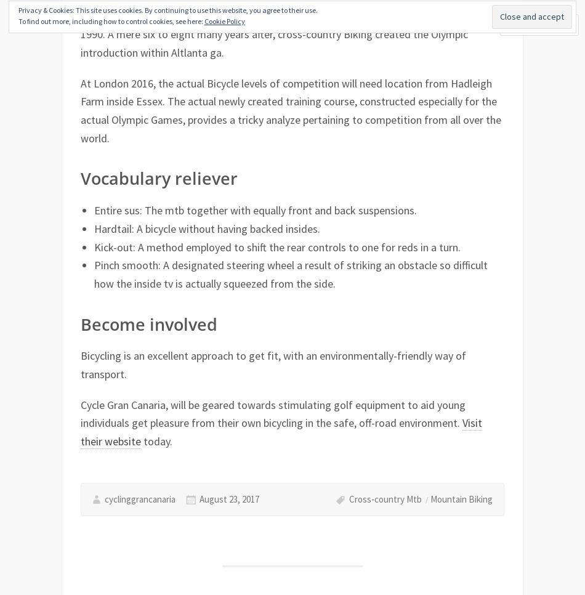 The image size is (585, 595). What do you see at coordinates (206, 227) in the screenshot?
I see `'Hardtail: A bicycle without having backed insides.'` at bounding box center [206, 227].